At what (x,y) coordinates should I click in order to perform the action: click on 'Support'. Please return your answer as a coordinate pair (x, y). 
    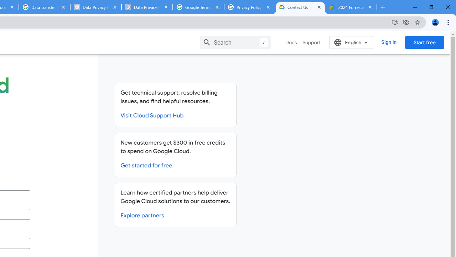
    Looking at the image, I should click on (311, 42).